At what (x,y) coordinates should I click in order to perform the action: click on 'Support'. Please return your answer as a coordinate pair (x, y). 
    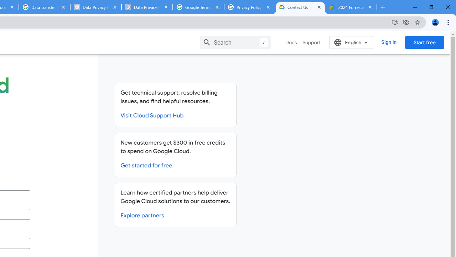
    Looking at the image, I should click on (311, 42).